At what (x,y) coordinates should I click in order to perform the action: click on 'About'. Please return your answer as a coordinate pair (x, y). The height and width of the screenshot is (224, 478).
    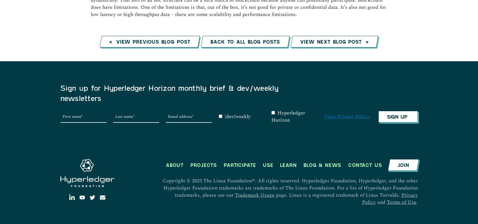
    Looking at the image, I should click on (166, 50).